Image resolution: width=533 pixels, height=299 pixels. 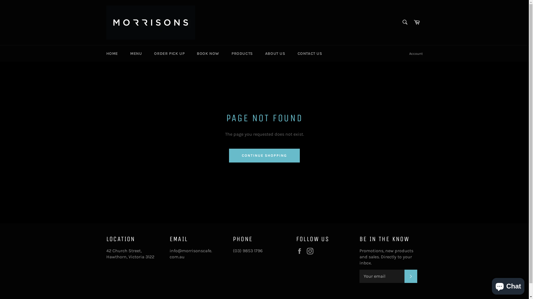 I want to click on 'BOOK NOW', so click(x=191, y=53).